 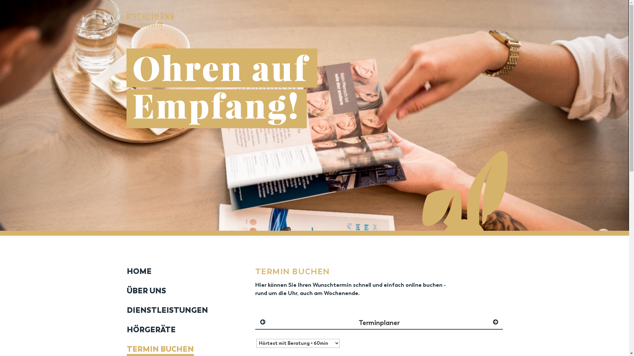 I want to click on 'DIENSTLEISTUNGEN', so click(x=167, y=310).